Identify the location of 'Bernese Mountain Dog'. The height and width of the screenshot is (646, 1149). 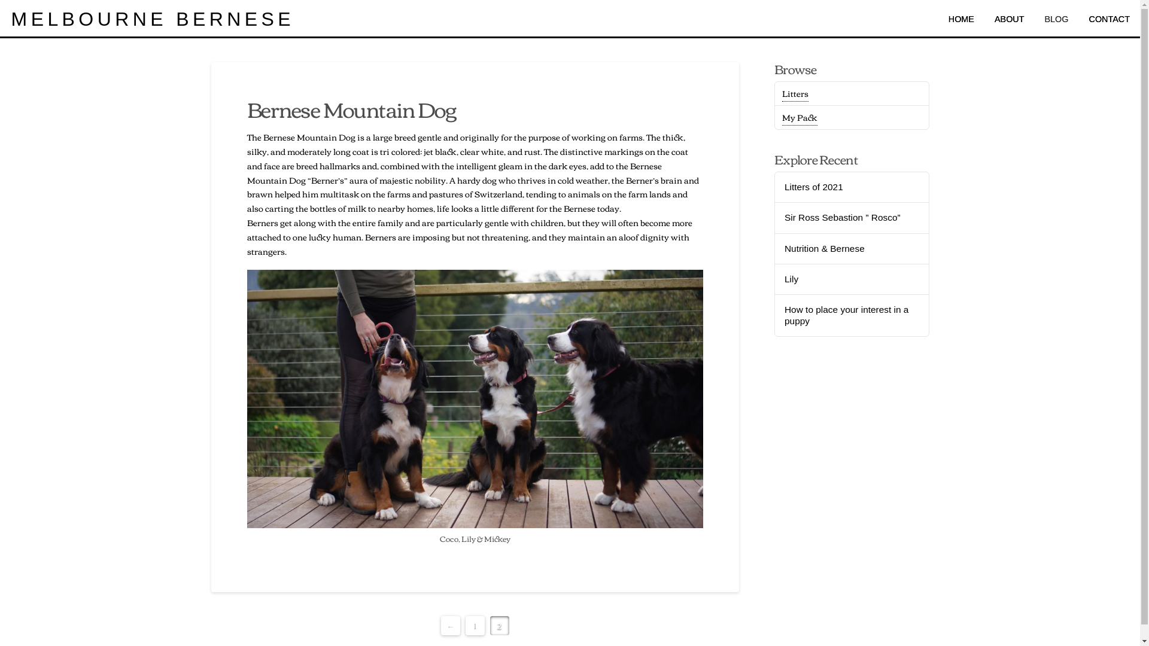
(351, 108).